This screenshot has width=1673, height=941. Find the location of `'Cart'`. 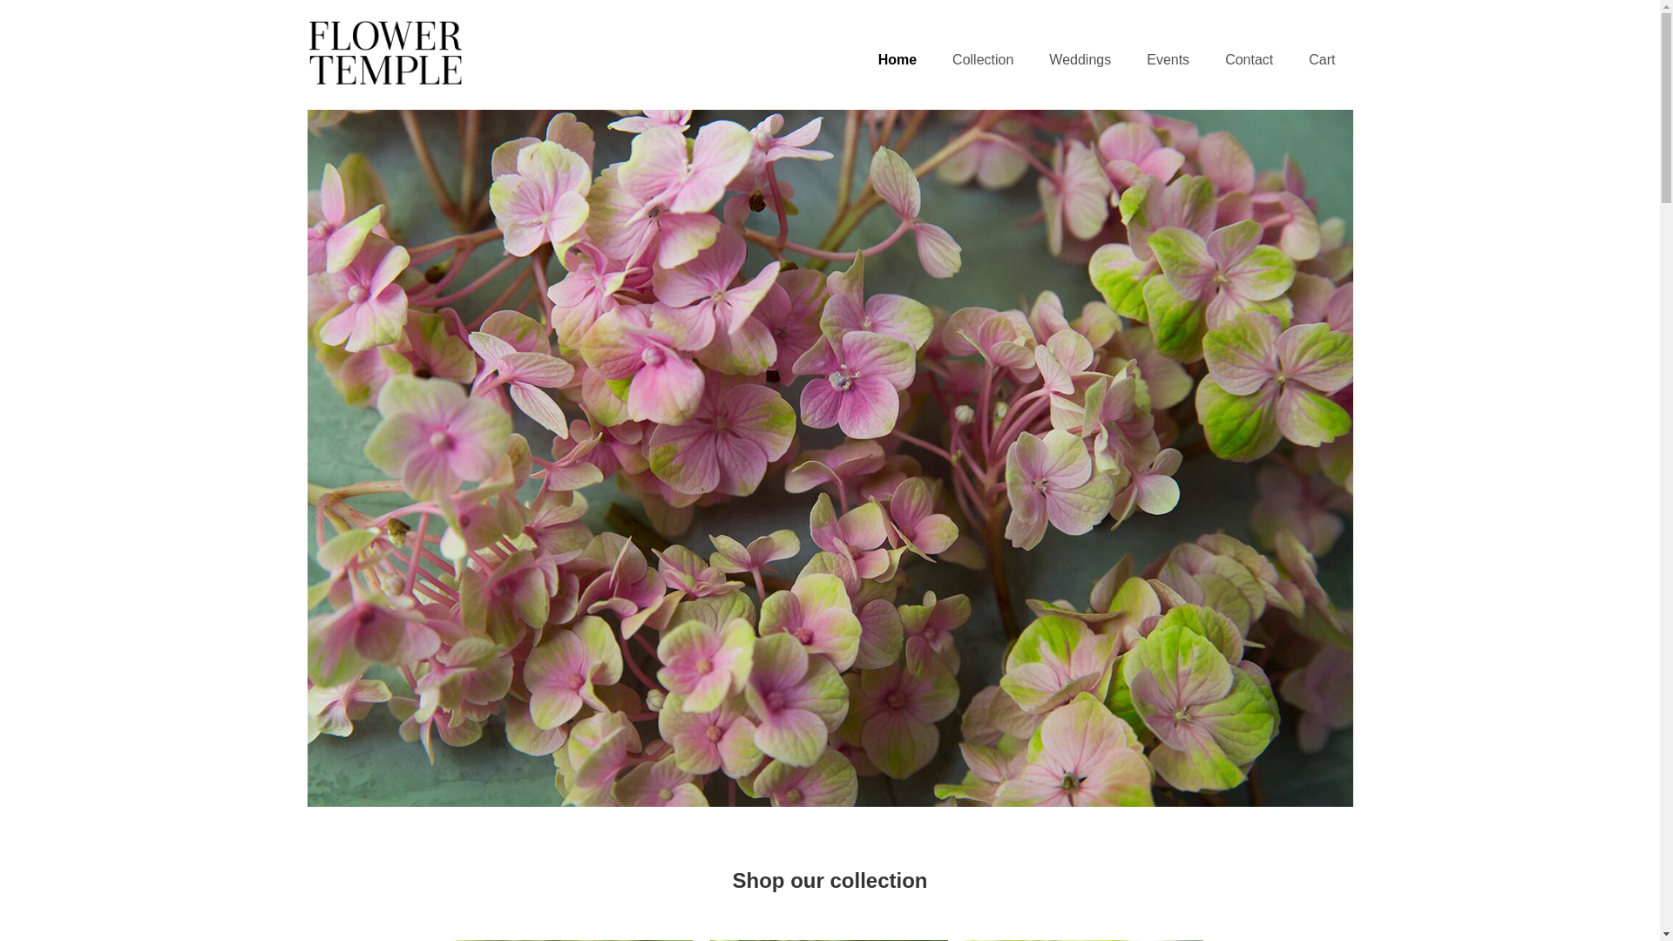

'Cart' is located at coordinates (1291, 60).